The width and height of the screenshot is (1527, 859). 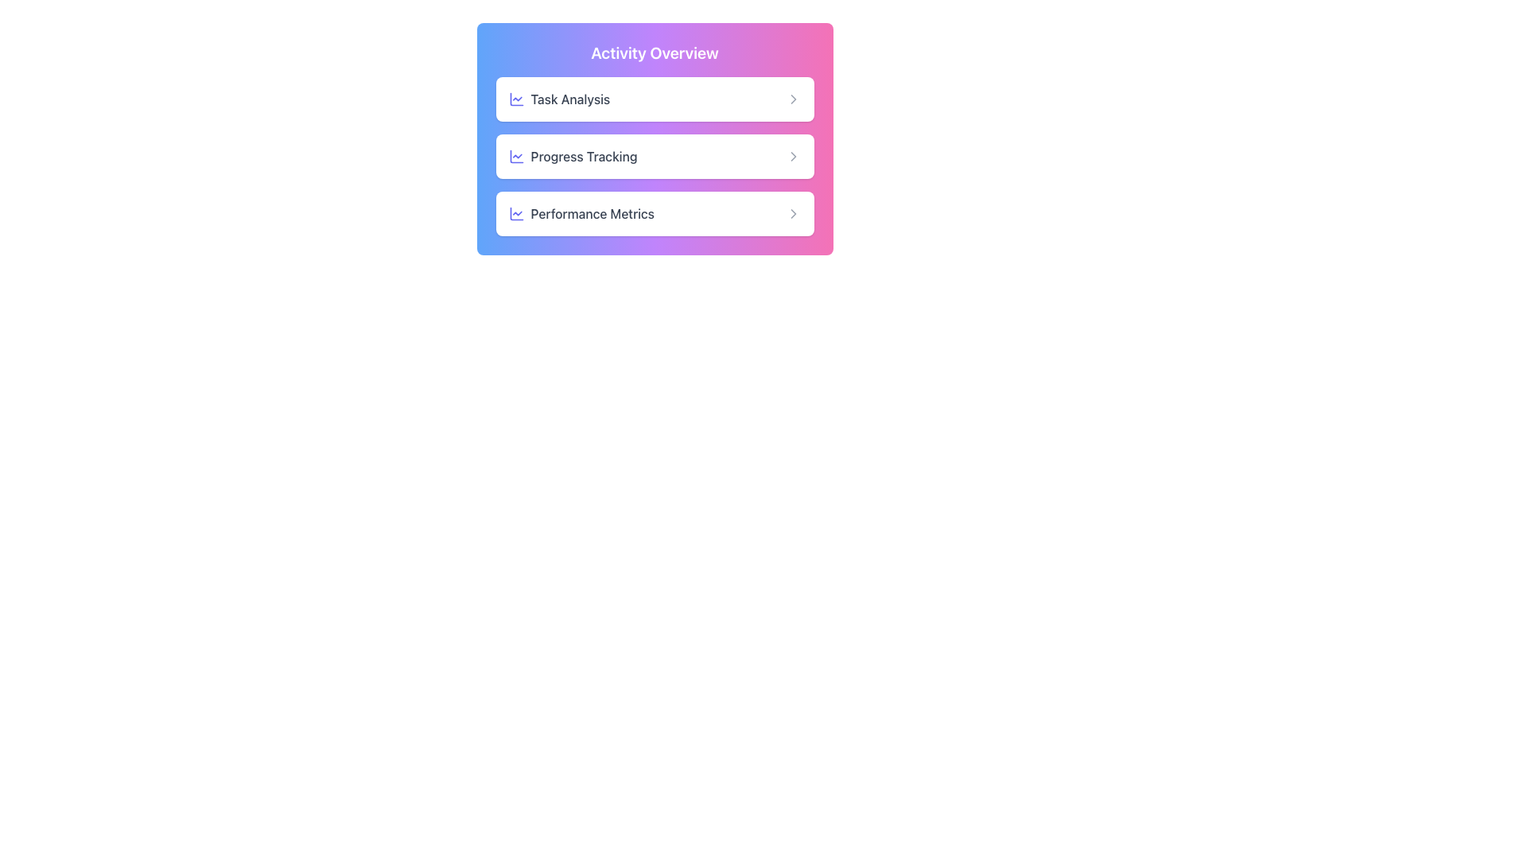 I want to click on the static text label reading 'Performance Metrics', which is aligned to the right of the chart icon within the white card in the 'Activity Overview' section, so click(x=581, y=213).